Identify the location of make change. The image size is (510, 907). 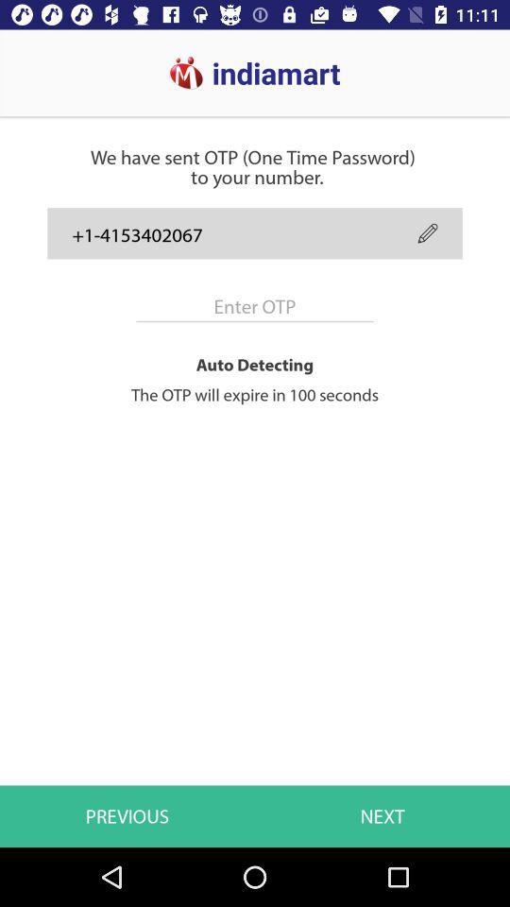
(428, 232).